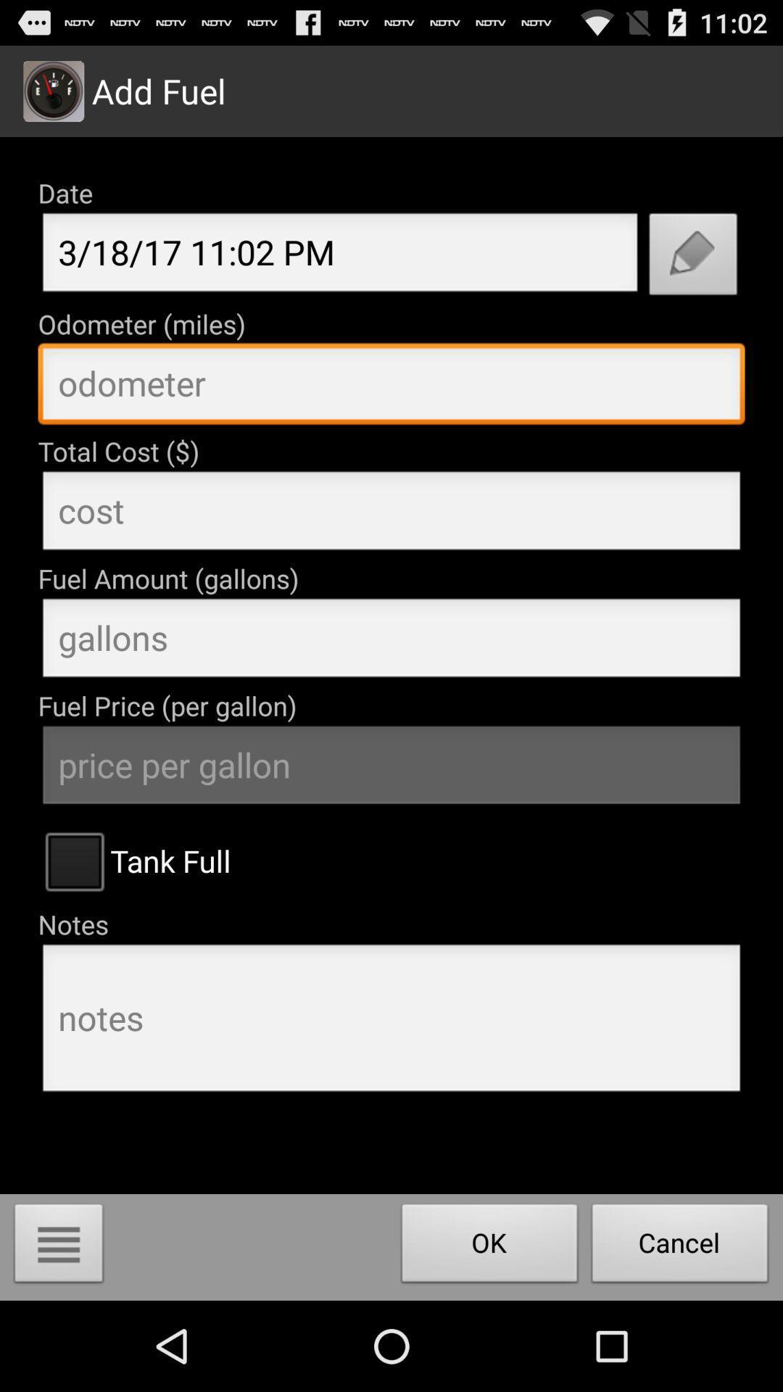 The image size is (783, 1392). What do you see at coordinates (340, 257) in the screenshot?
I see `the date and time text below date` at bounding box center [340, 257].